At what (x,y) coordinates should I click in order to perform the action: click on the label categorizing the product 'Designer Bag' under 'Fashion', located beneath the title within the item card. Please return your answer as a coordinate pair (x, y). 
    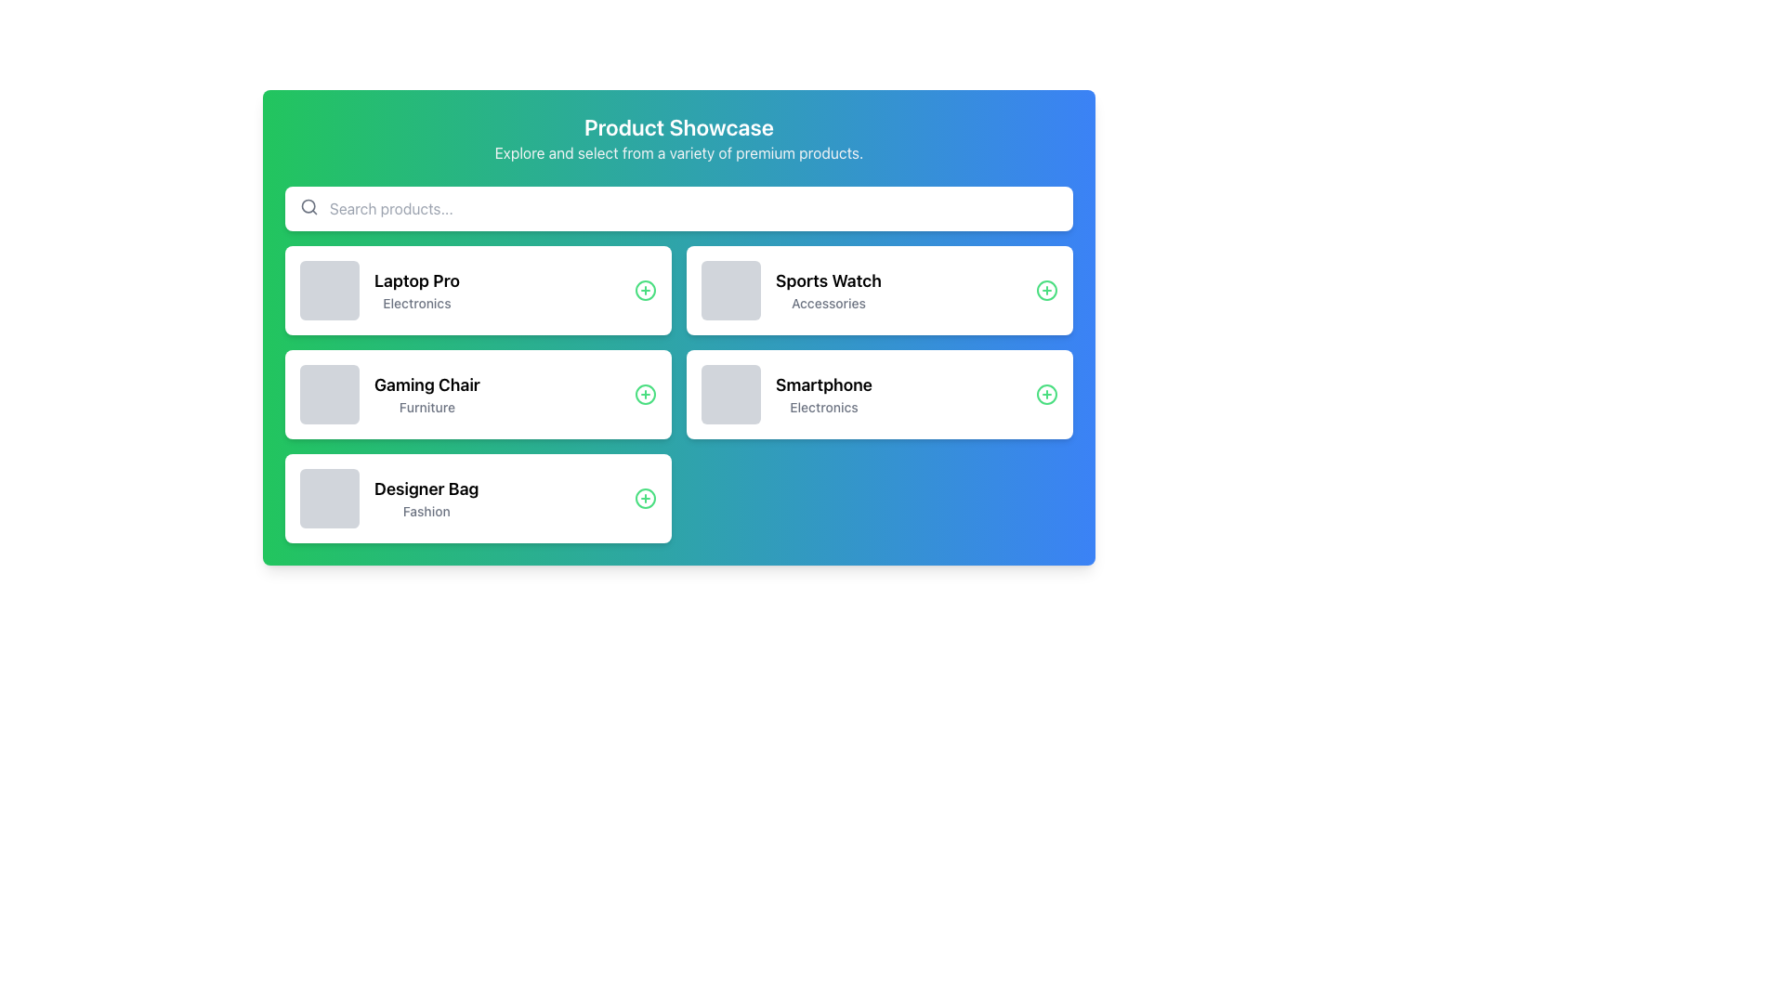
    Looking at the image, I should click on (426, 512).